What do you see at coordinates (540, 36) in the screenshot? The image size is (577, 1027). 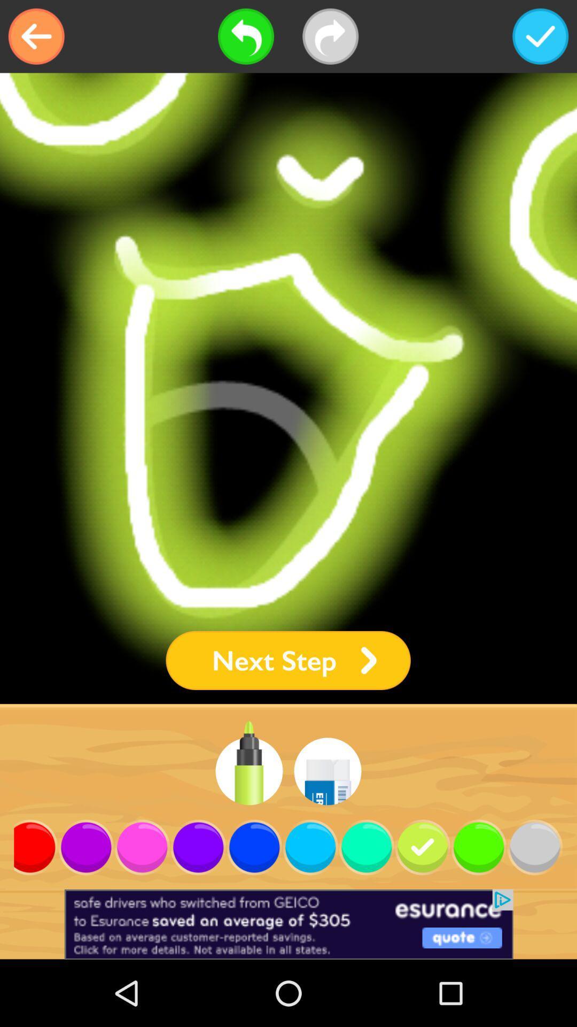 I see `submit` at bounding box center [540, 36].